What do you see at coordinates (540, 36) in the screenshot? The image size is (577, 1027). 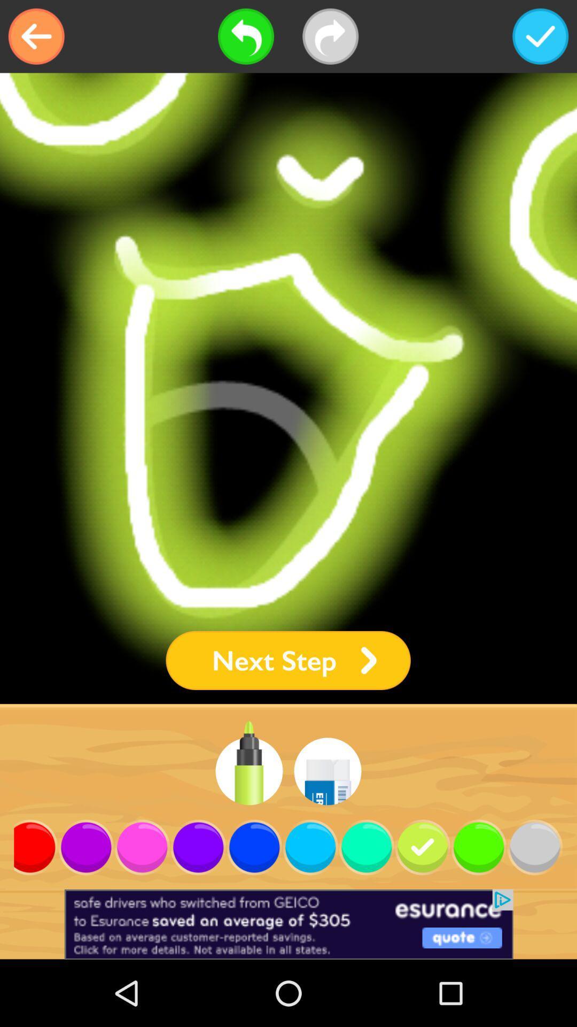 I see `submit` at bounding box center [540, 36].